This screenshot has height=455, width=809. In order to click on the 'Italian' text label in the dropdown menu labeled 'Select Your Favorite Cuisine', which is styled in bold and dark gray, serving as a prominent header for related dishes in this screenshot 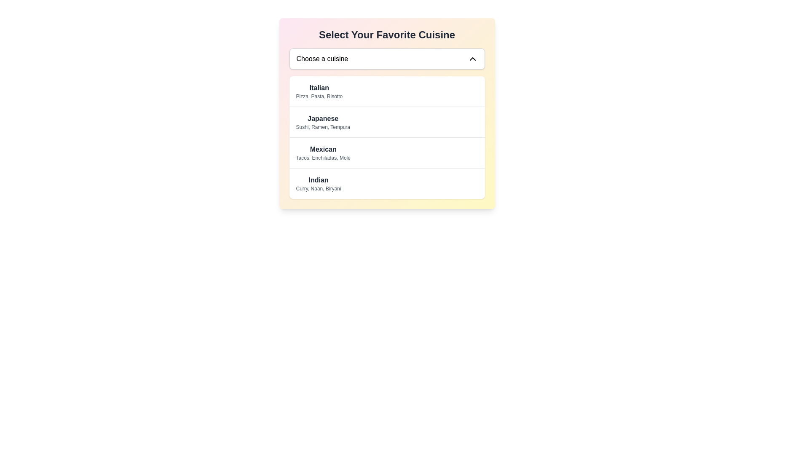, I will do `click(319, 88)`.